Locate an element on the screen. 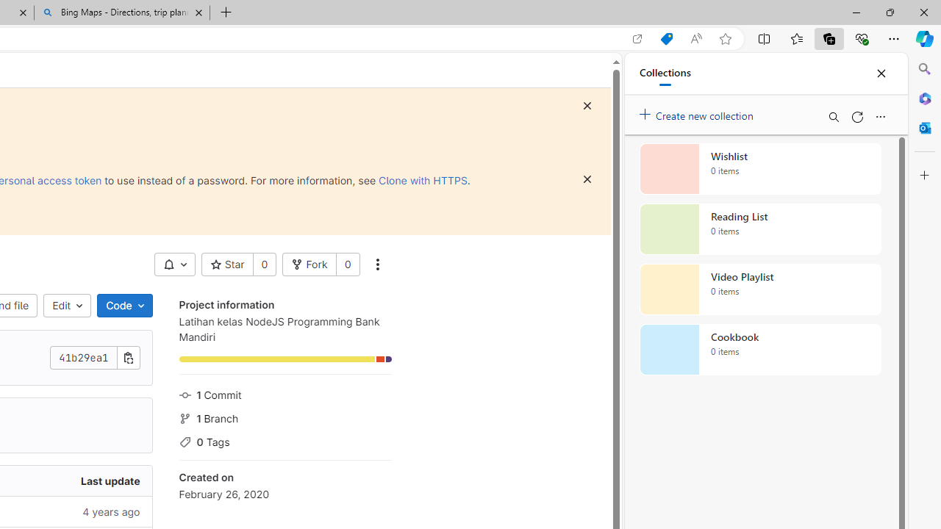  'Add this page to favorites (Ctrl+D)' is located at coordinates (725, 38).